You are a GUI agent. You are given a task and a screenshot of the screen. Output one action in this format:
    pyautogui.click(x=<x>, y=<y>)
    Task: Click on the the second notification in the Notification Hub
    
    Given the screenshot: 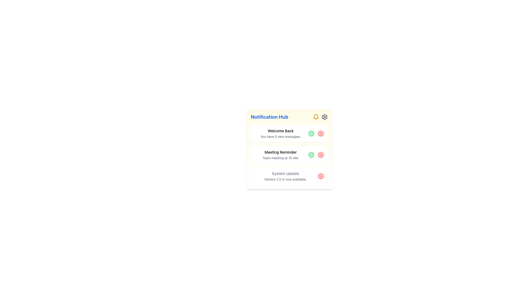 What is the action you would take?
    pyautogui.click(x=289, y=149)
    